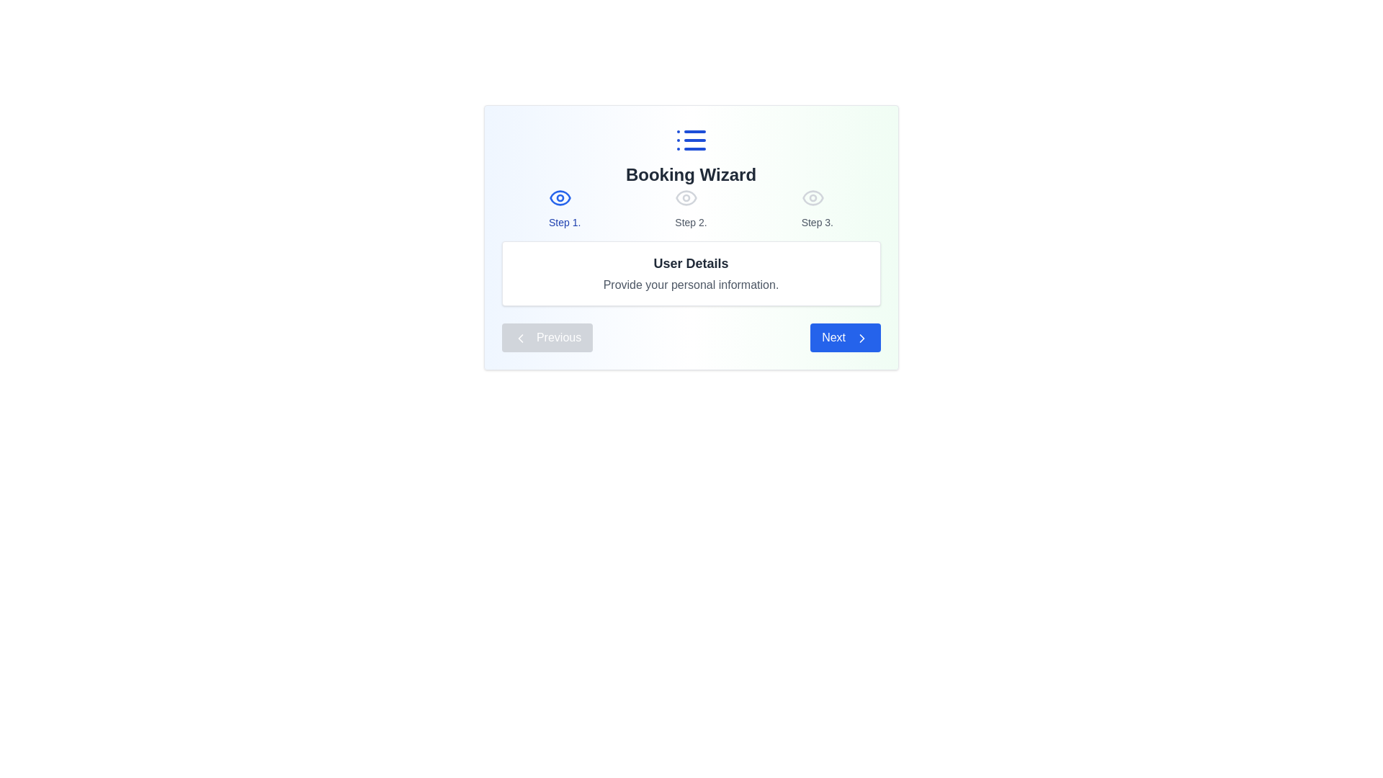 The height and width of the screenshot is (778, 1383). I want to click on the eye icon, which is the rightmost step indicator in the 'Step 3' section, to observe its highlighting or tooltip, so click(813, 197).